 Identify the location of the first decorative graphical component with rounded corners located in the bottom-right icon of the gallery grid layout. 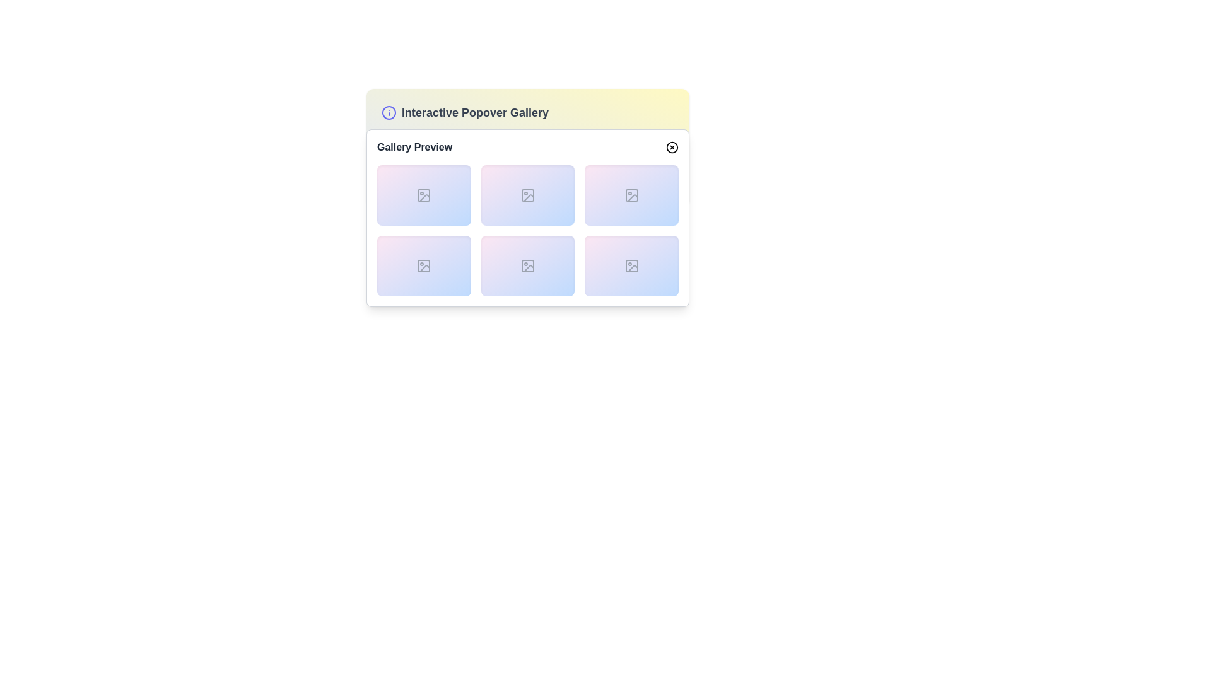
(631, 265).